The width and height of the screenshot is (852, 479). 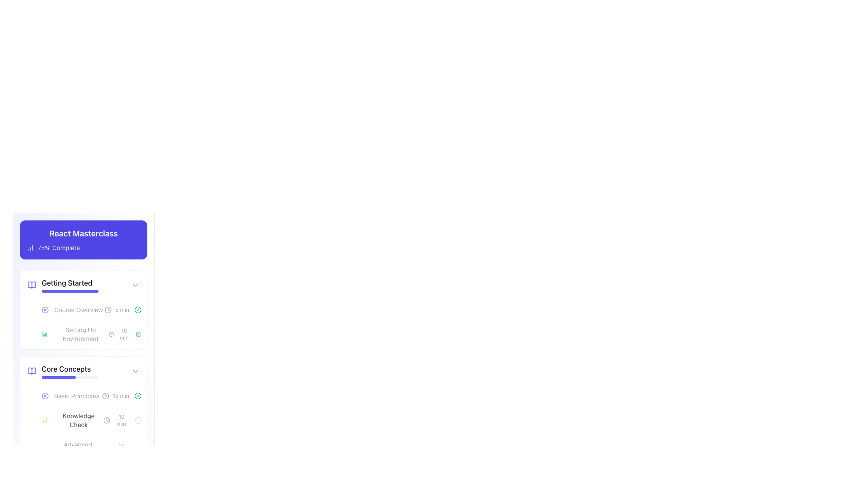 What do you see at coordinates (44, 334) in the screenshot?
I see `the icon representing the 'Setting Up Environment' item in the 'Getting Started' section by moving the cursor to its center point` at bounding box center [44, 334].